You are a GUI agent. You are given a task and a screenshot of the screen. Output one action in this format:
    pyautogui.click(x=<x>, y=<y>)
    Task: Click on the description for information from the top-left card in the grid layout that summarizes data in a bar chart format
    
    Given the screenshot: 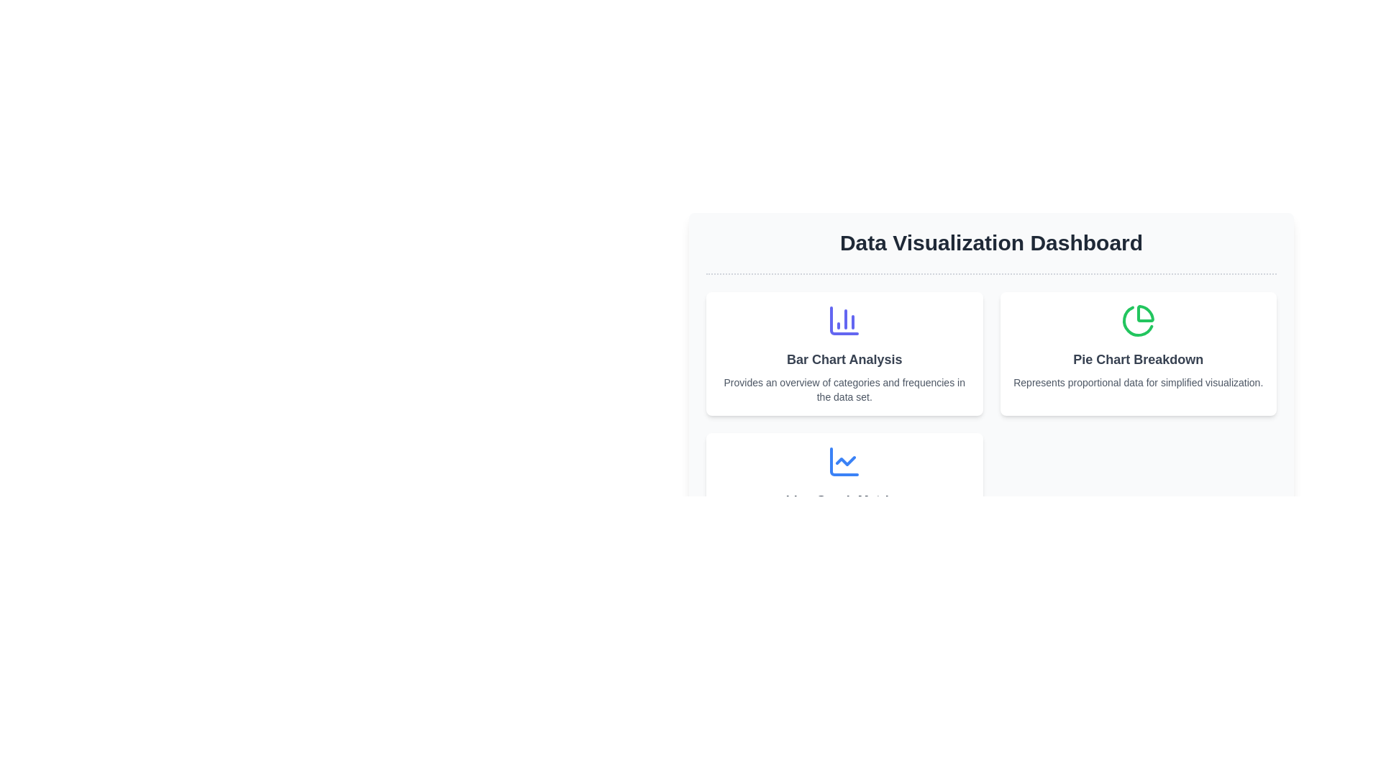 What is the action you would take?
    pyautogui.click(x=844, y=354)
    